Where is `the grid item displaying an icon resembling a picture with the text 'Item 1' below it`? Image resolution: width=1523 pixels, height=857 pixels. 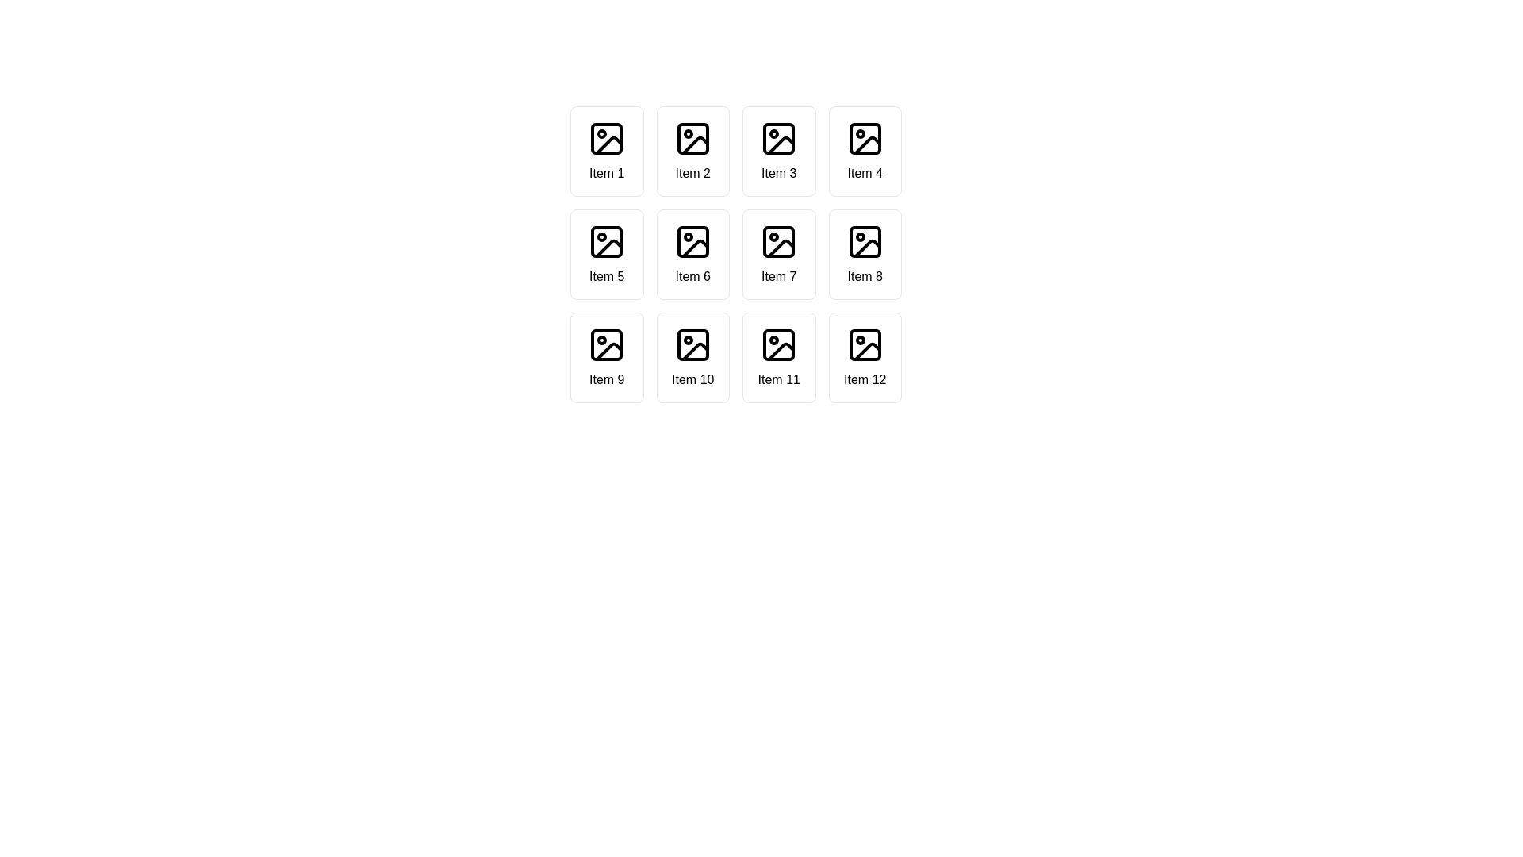
the grid item displaying an icon resembling a picture with the text 'Item 1' below it is located at coordinates (606, 152).